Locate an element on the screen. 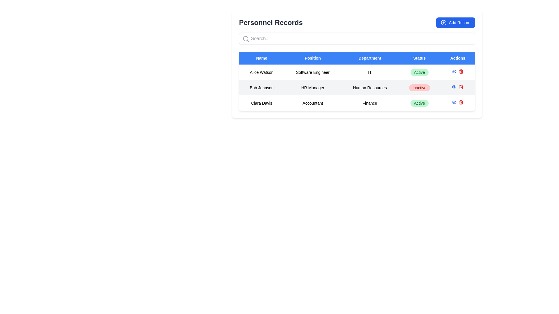 The image size is (559, 314). the Text label identifying 'Clara Davis' in the first cell of the third row in the table is located at coordinates (261, 103).